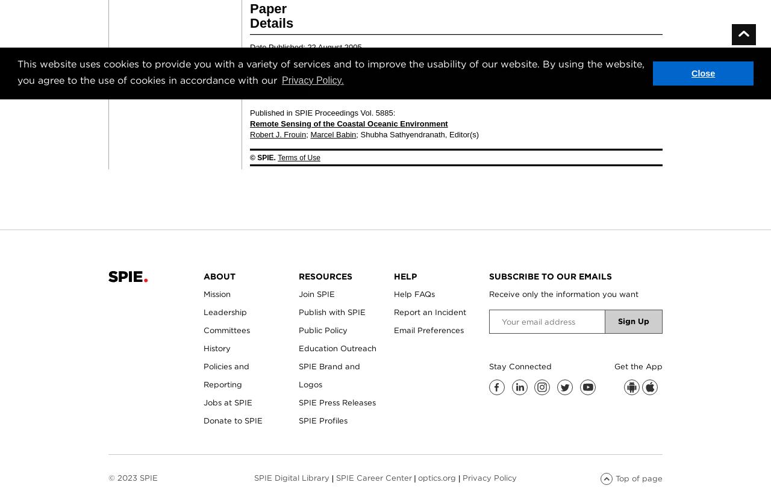 This screenshot has height=503, width=771. Describe the element at coordinates (299, 157) in the screenshot. I see `'Terms of Use'` at that location.